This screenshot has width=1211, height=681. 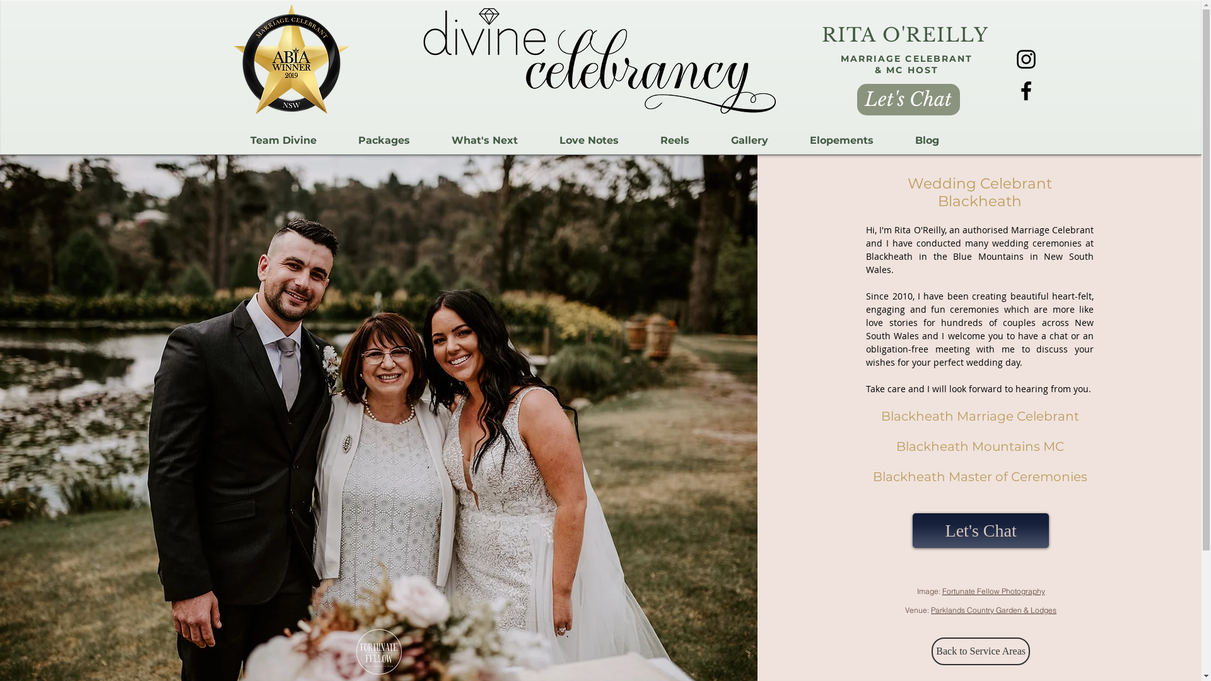 What do you see at coordinates (932, 651) in the screenshot?
I see `'Back to Service Areas'` at bounding box center [932, 651].